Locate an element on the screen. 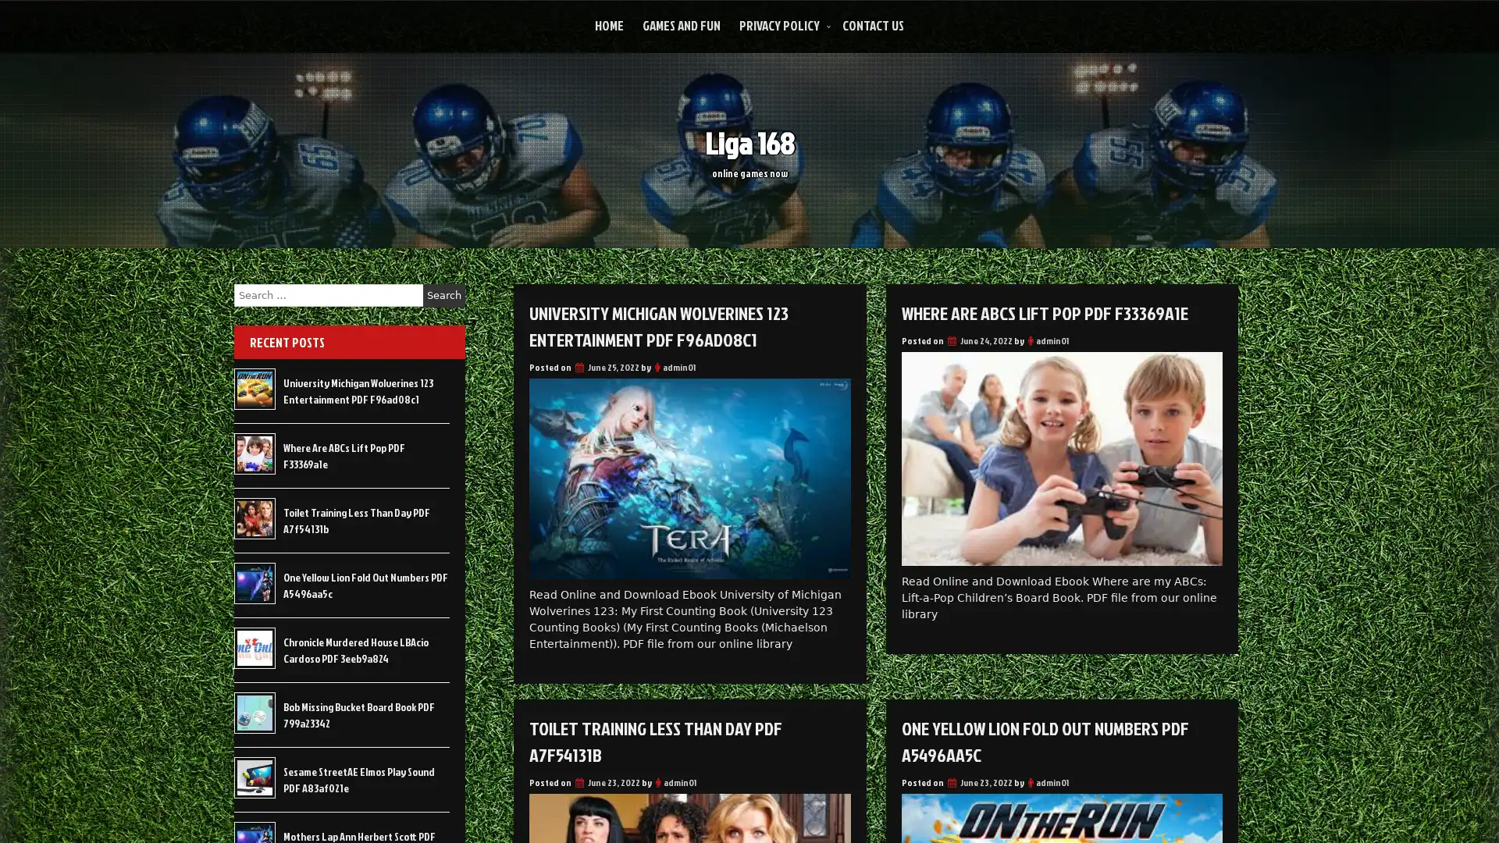  Search is located at coordinates (443, 295).